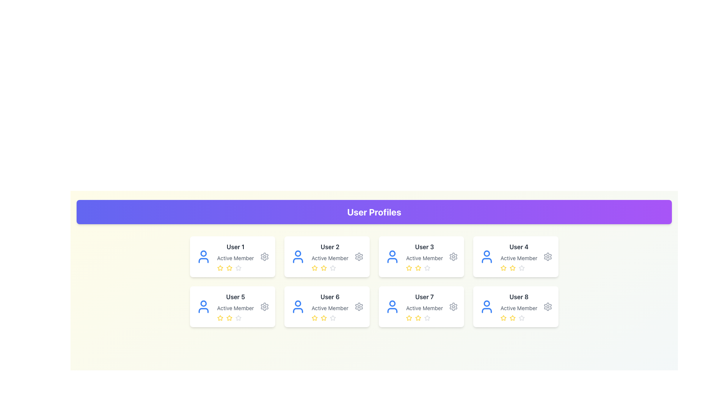  What do you see at coordinates (238, 318) in the screenshot?
I see `the third star rating button in the 'User 5' card, which allows users to select the third rating level in the user rating system` at bounding box center [238, 318].